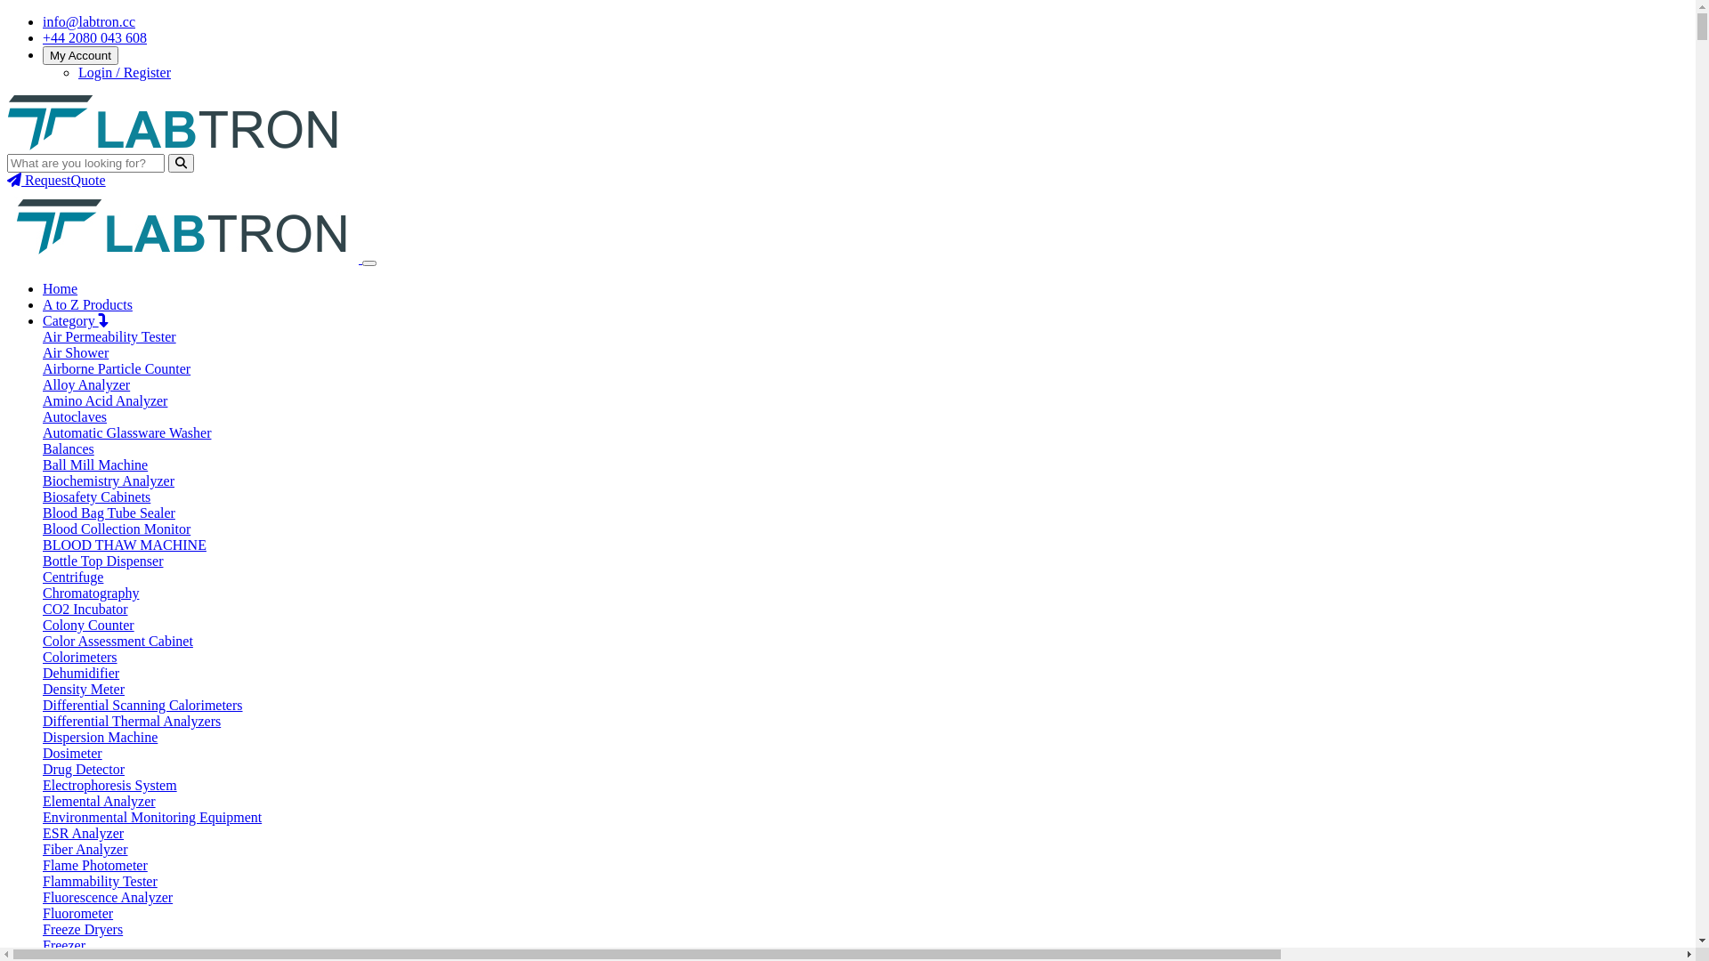  What do you see at coordinates (115, 528) in the screenshot?
I see `'Blood Collection Monitor'` at bounding box center [115, 528].